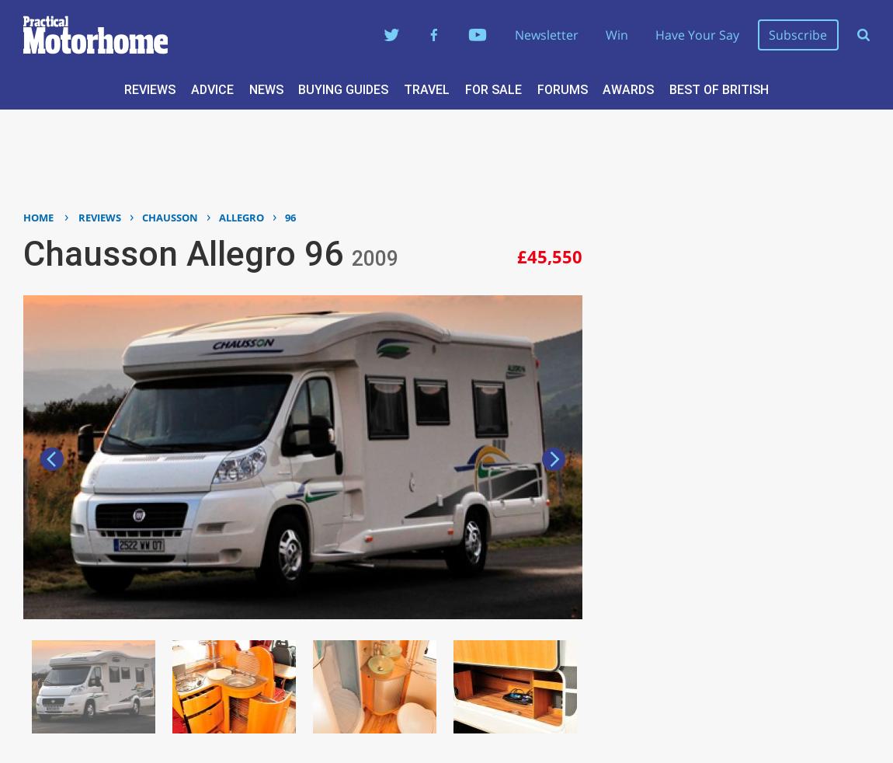 This screenshot has height=763, width=893. I want to click on '2009', so click(374, 258).